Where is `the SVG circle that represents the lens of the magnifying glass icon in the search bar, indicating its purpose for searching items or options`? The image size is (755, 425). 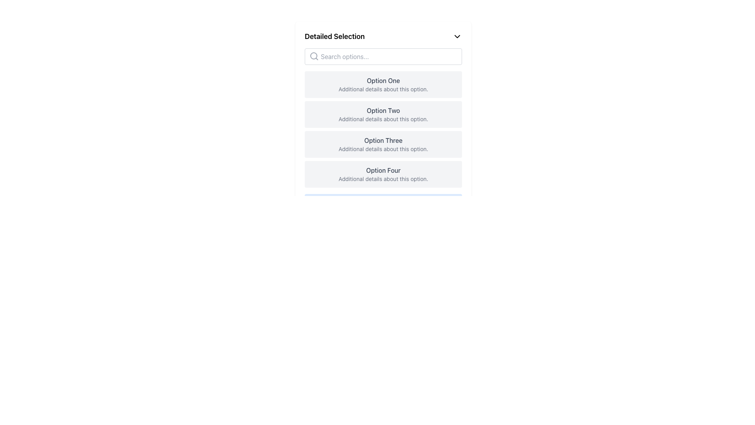 the SVG circle that represents the lens of the magnifying glass icon in the search bar, indicating its purpose for searching items or options is located at coordinates (313, 55).